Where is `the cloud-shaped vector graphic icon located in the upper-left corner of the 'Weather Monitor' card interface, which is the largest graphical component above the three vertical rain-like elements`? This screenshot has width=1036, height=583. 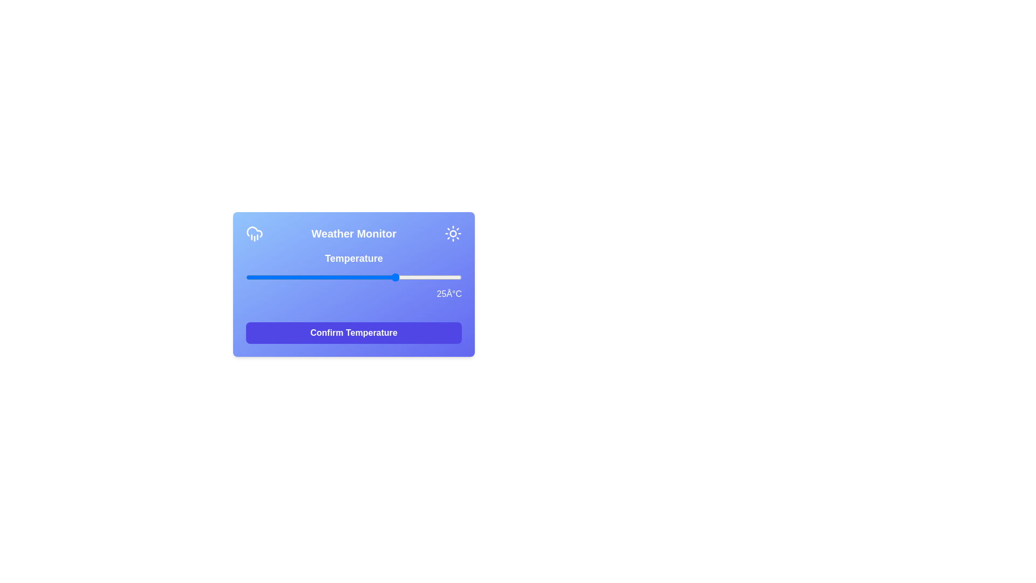
the cloud-shaped vector graphic icon located in the upper-left corner of the 'Weather Monitor' card interface, which is the largest graphical component above the three vertical rain-like elements is located at coordinates (254, 231).